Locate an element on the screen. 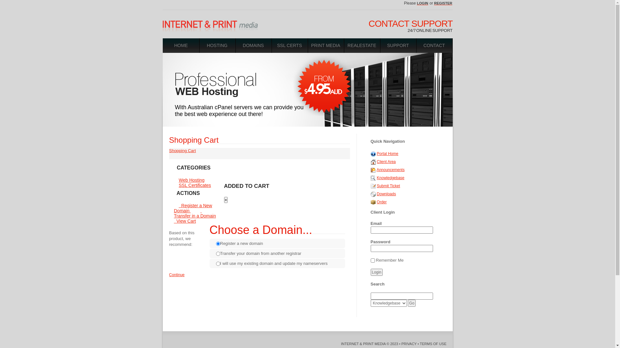  'Downloads' is located at coordinates (377, 193).